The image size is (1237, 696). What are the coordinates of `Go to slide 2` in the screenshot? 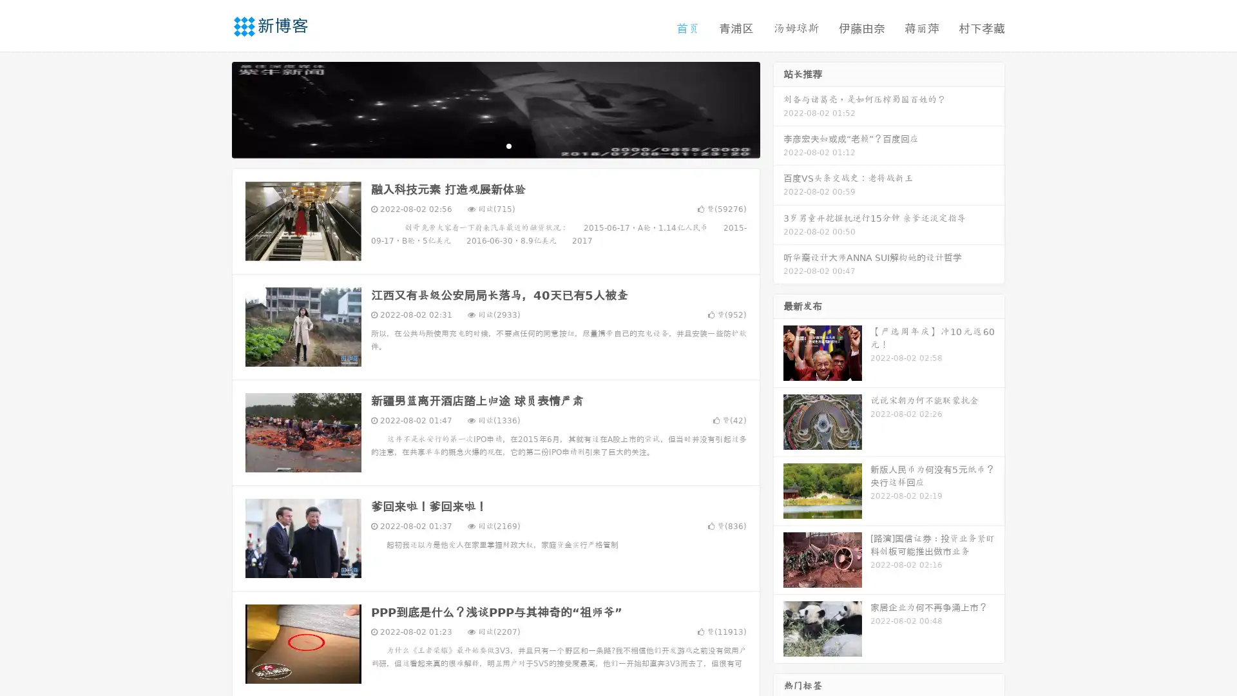 It's located at (495, 145).